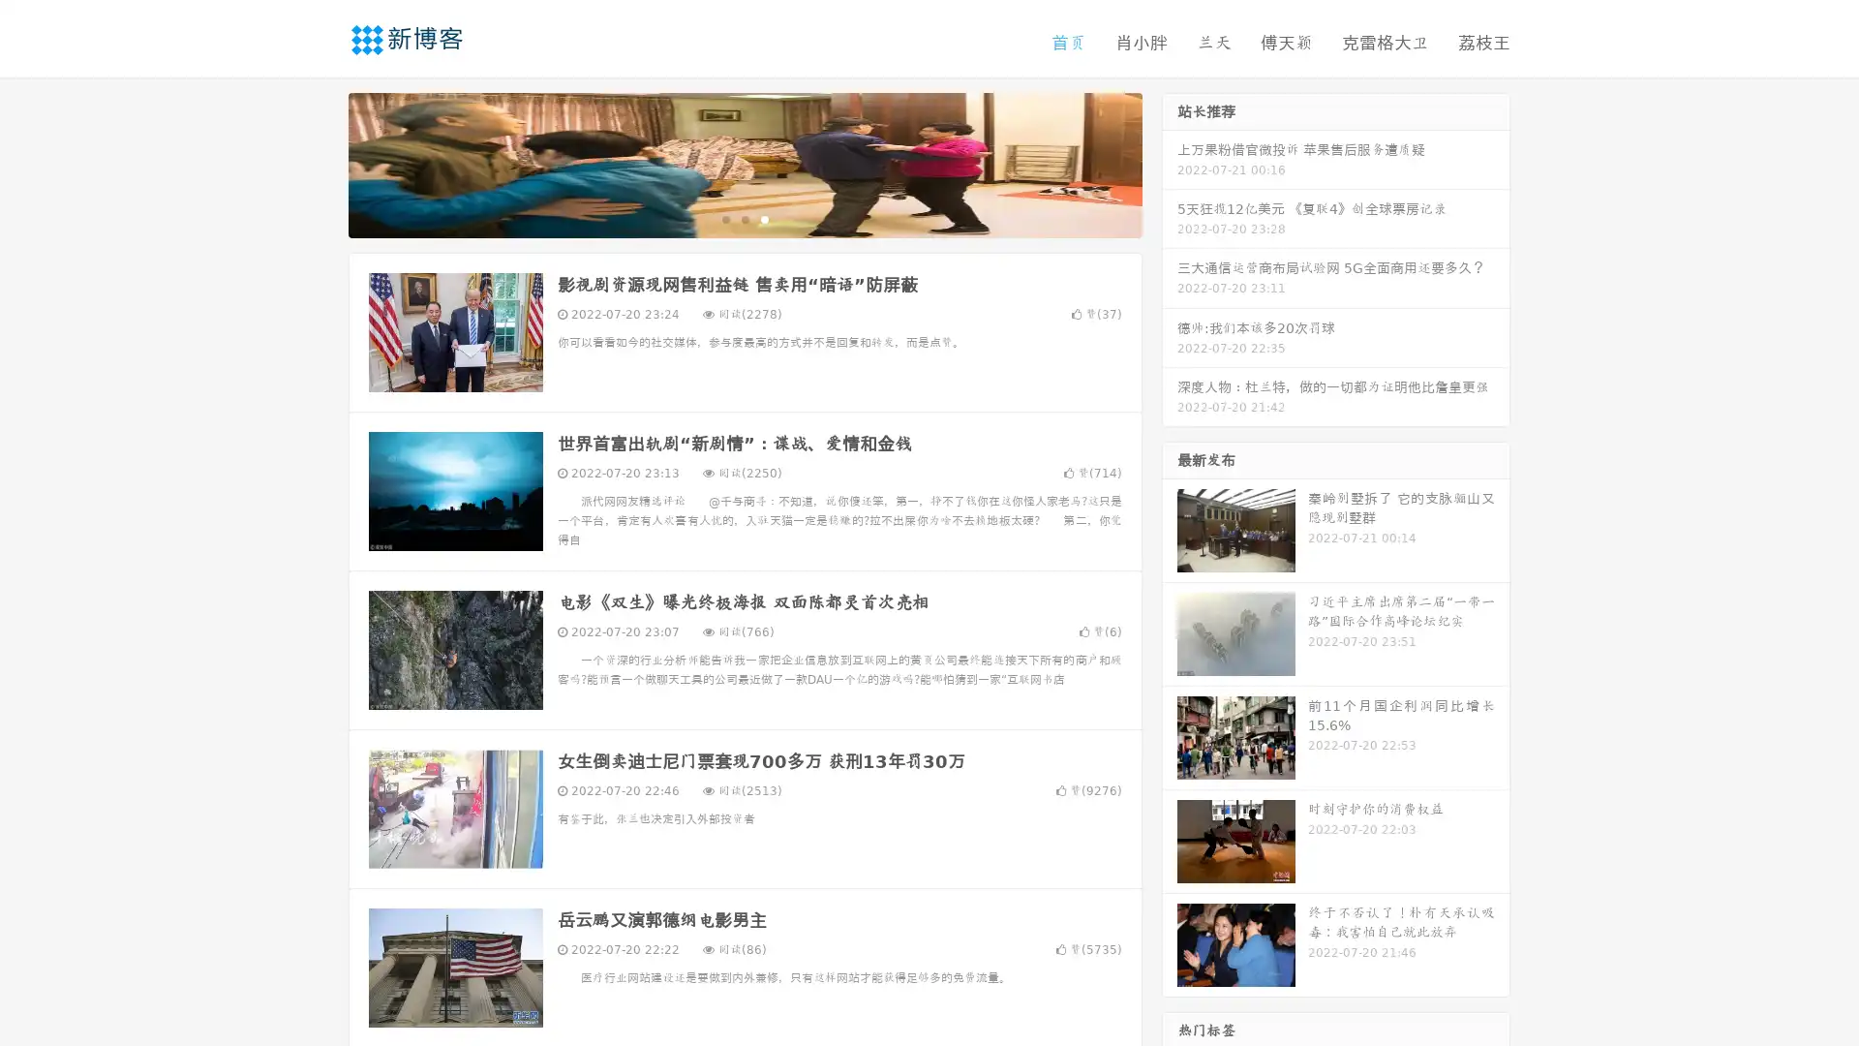  I want to click on Next slide, so click(1170, 163).